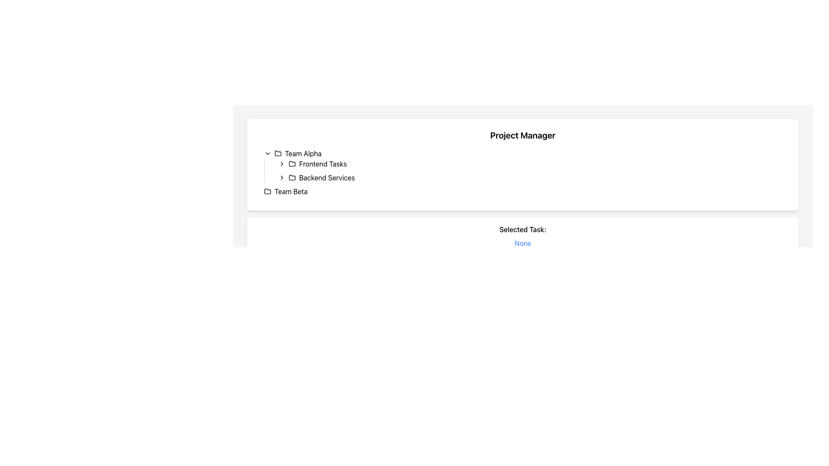 The image size is (829, 466). I want to click on the folder icon located to the left of the 'Backend Services' text, which is part of a collapsible group in the hierarchical list, so click(292, 177).